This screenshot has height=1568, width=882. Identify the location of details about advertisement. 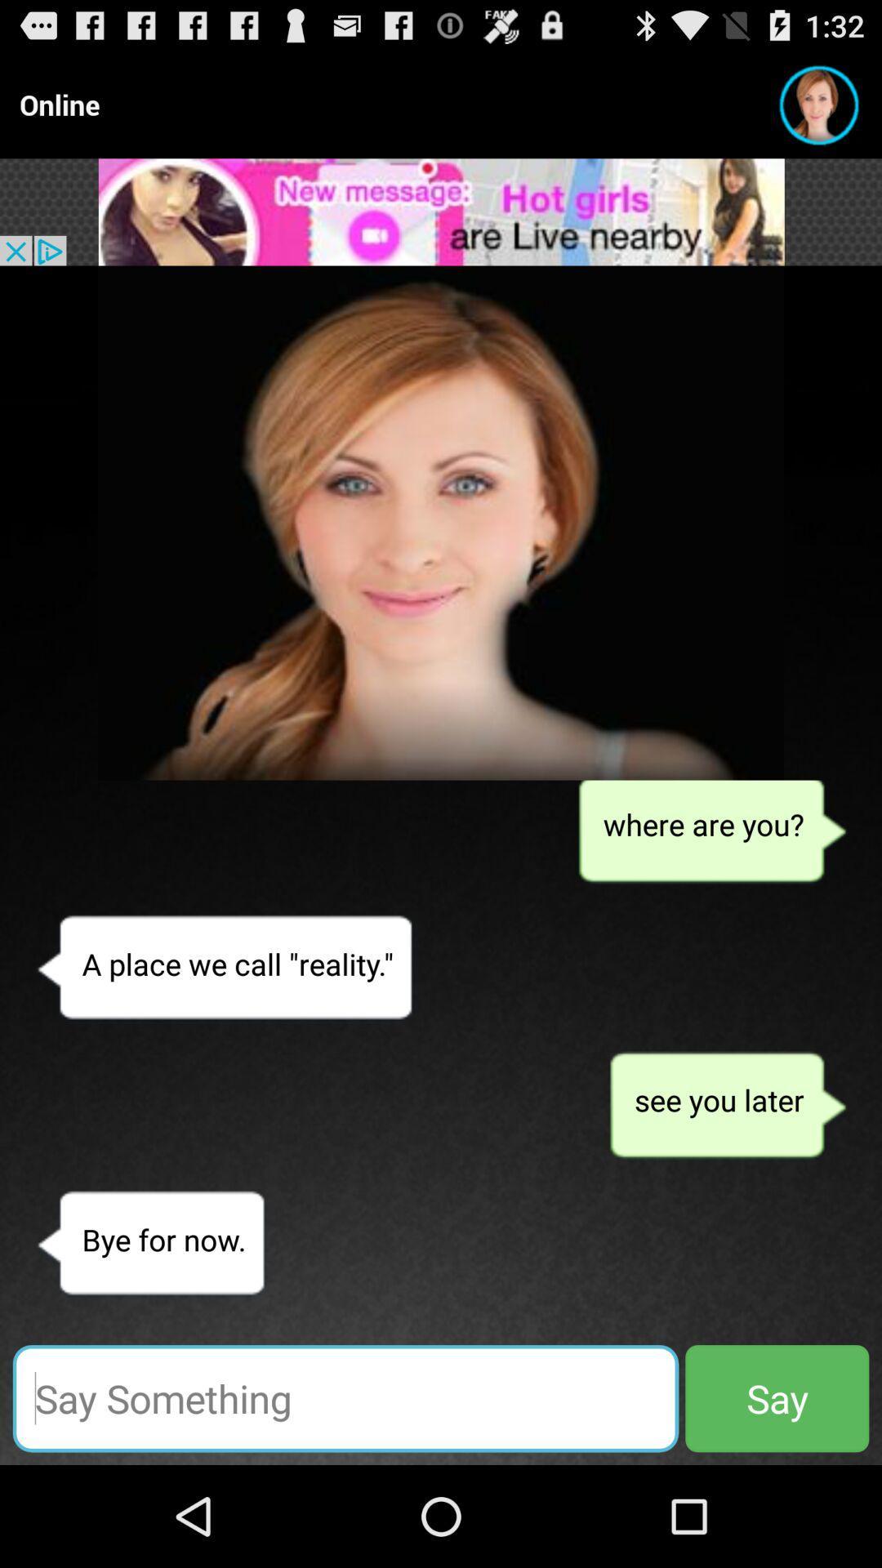
(441, 211).